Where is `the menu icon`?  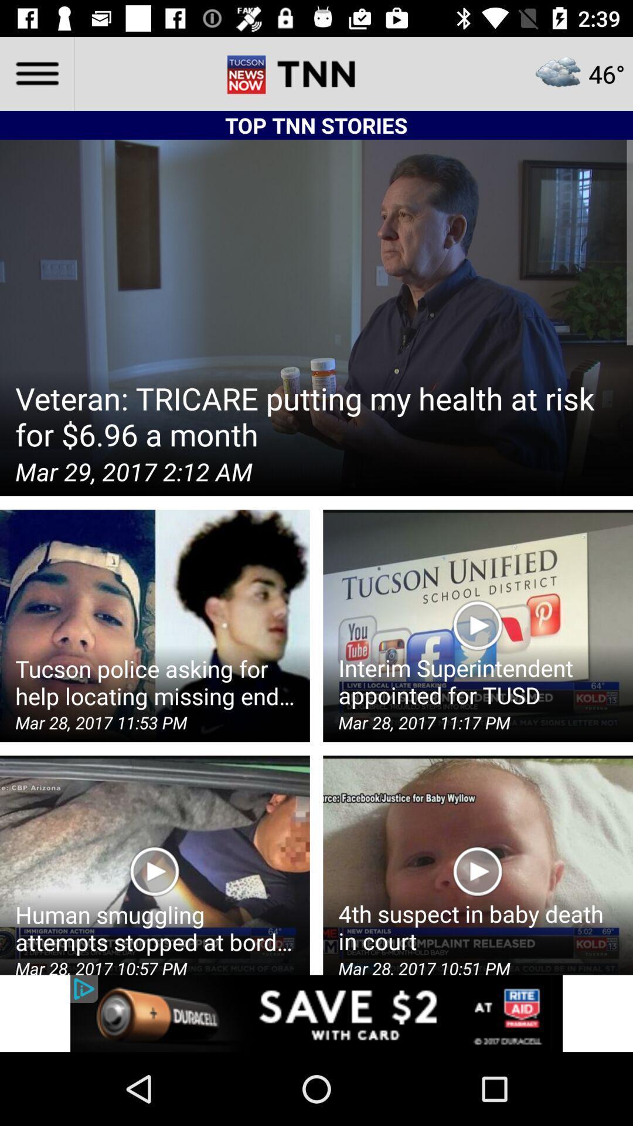
the menu icon is located at coordinates (36, 73).